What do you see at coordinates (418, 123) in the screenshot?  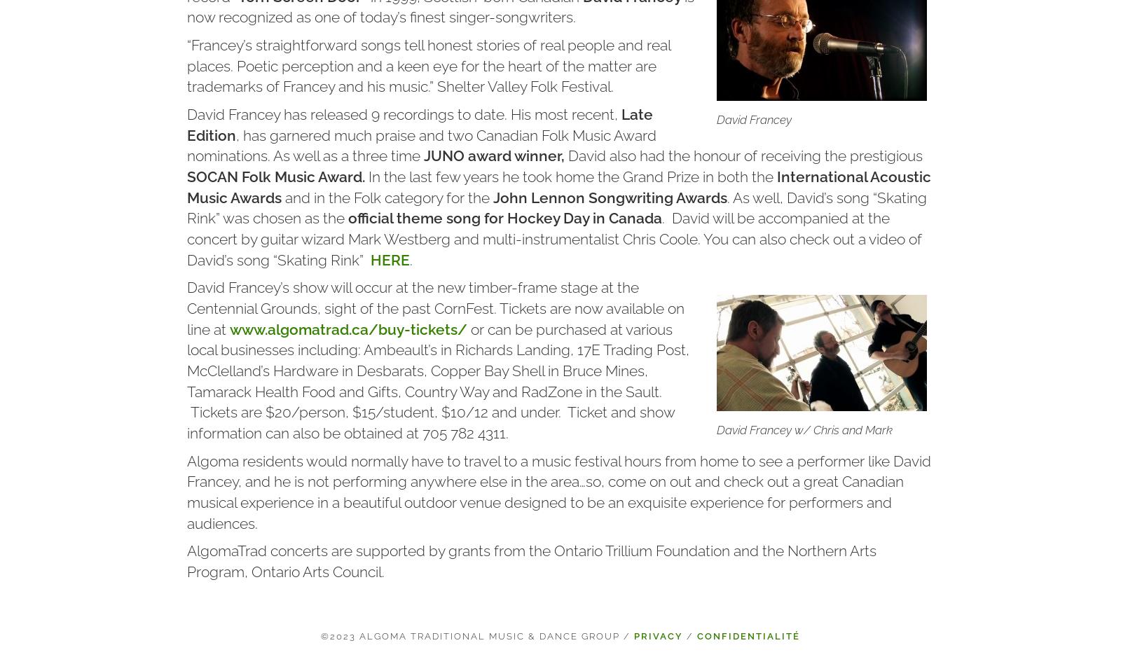 I see `'Late Edition'` at bounding box center [418, 123].